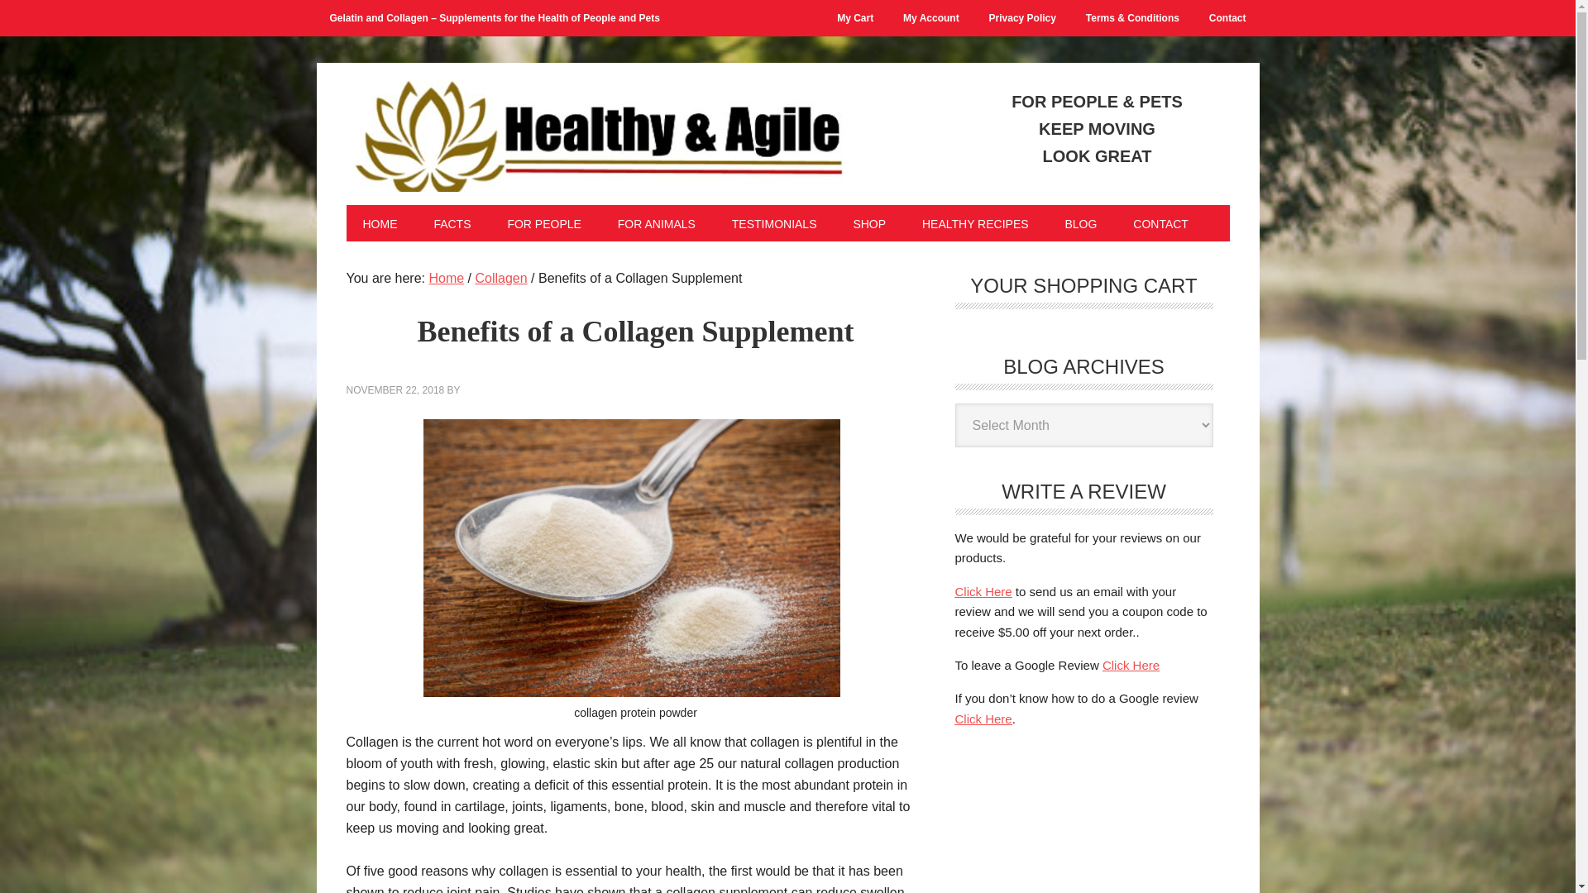  What do you see at coordinates (1160, 223) in the screenshot?
I see `'CONTACT'` at bounding box center [1160, 223].